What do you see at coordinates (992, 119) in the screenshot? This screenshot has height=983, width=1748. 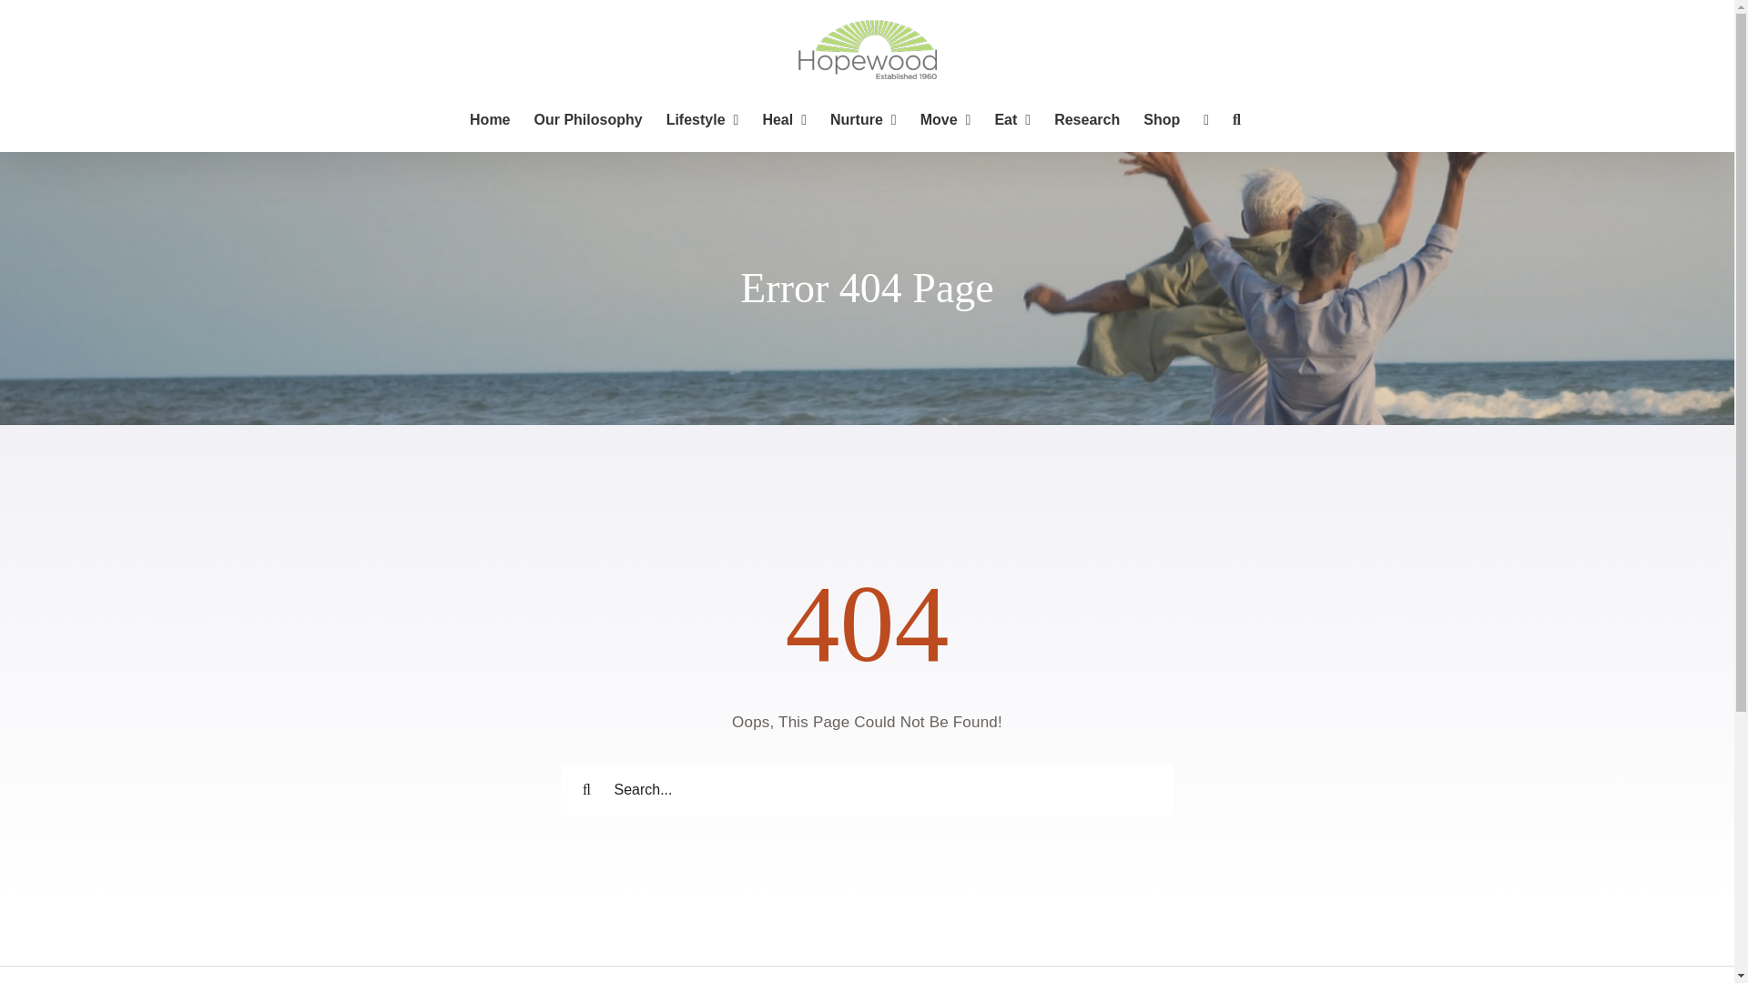 I see `'Eat'` at bounding box center [992, 119].